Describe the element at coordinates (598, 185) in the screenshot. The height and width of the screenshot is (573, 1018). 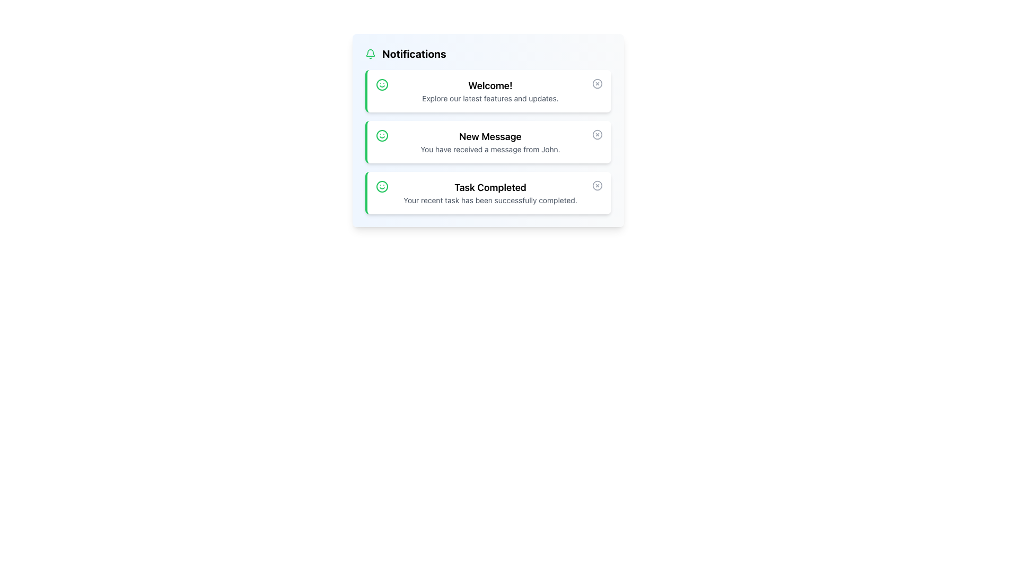
I see `the dismissal button on the far right side of the notification box labeled 'Task Completed: Your recent task has been successfully completed.'` at that location.